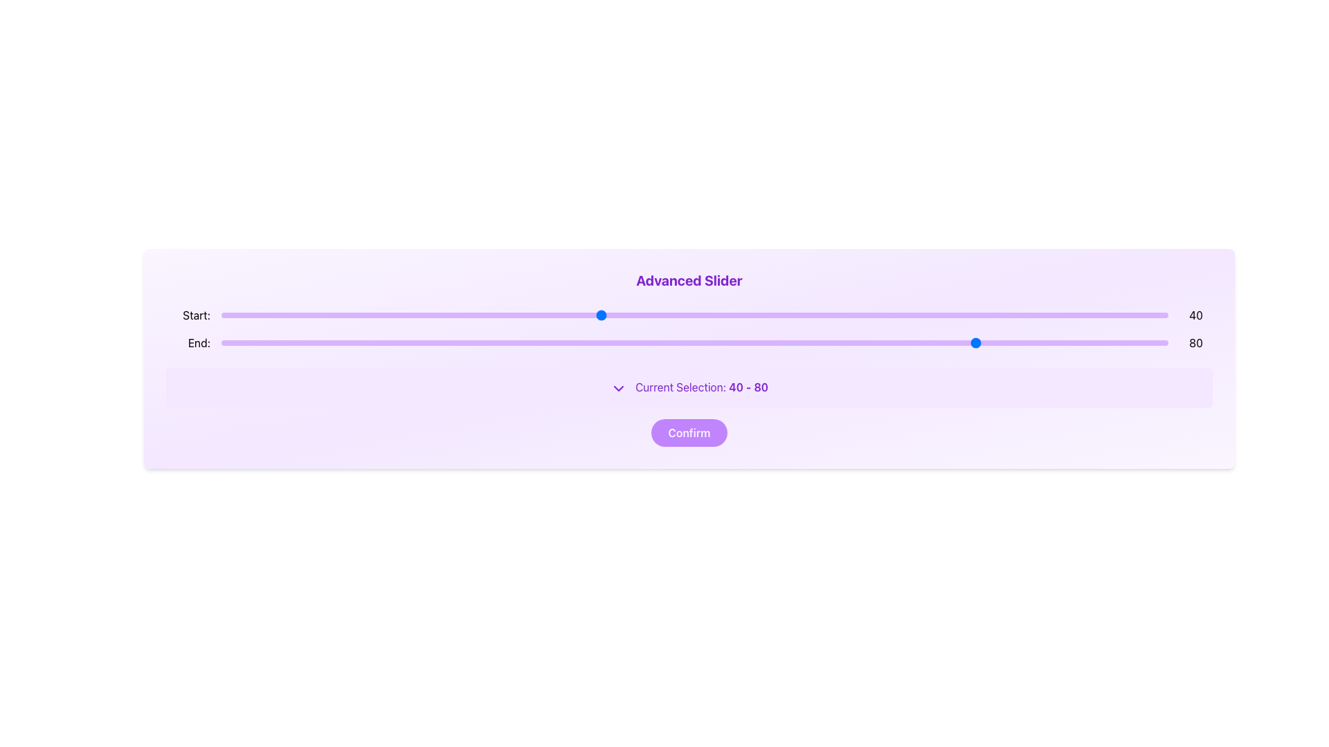  I want to click on the start slider, so click(438, 315).